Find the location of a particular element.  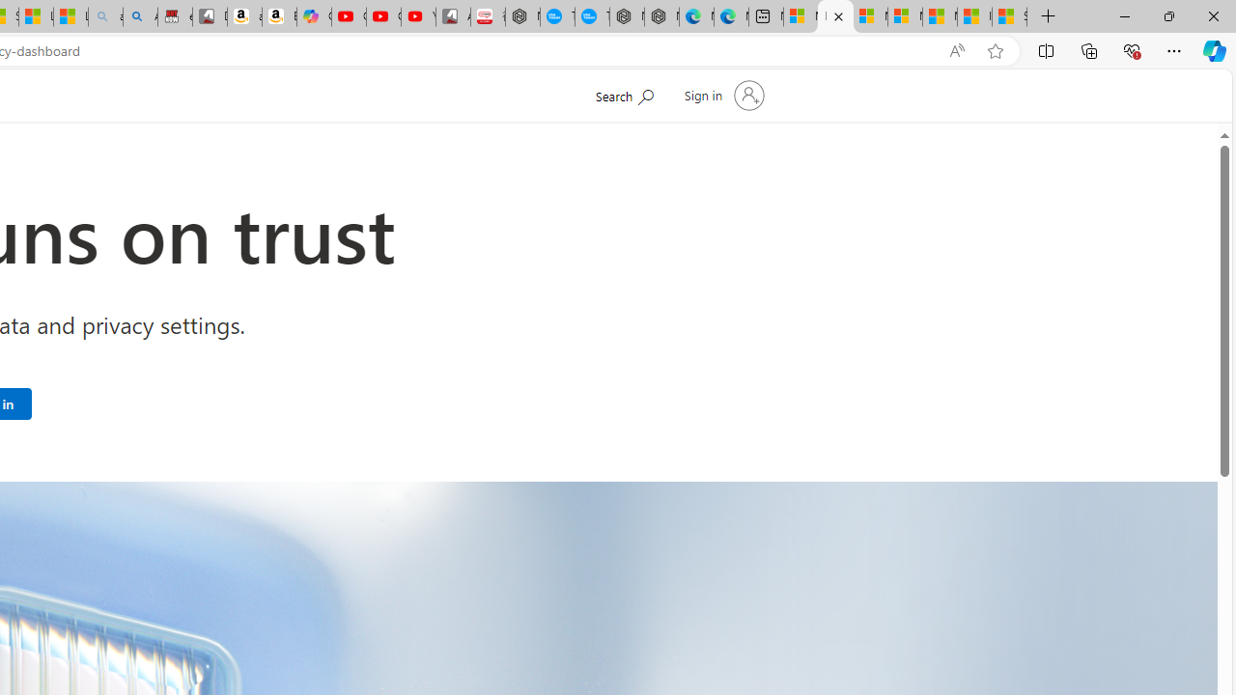

'Microsoft account | Privacy' is located at coordinates (904, 16).